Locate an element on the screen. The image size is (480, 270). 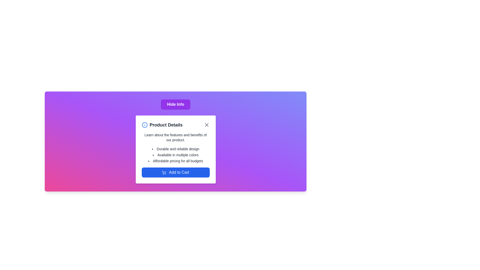
the introductory text element located below the 'Product Details' heading and above the bullet point list within the white panel is located at coordinates (175, 137).